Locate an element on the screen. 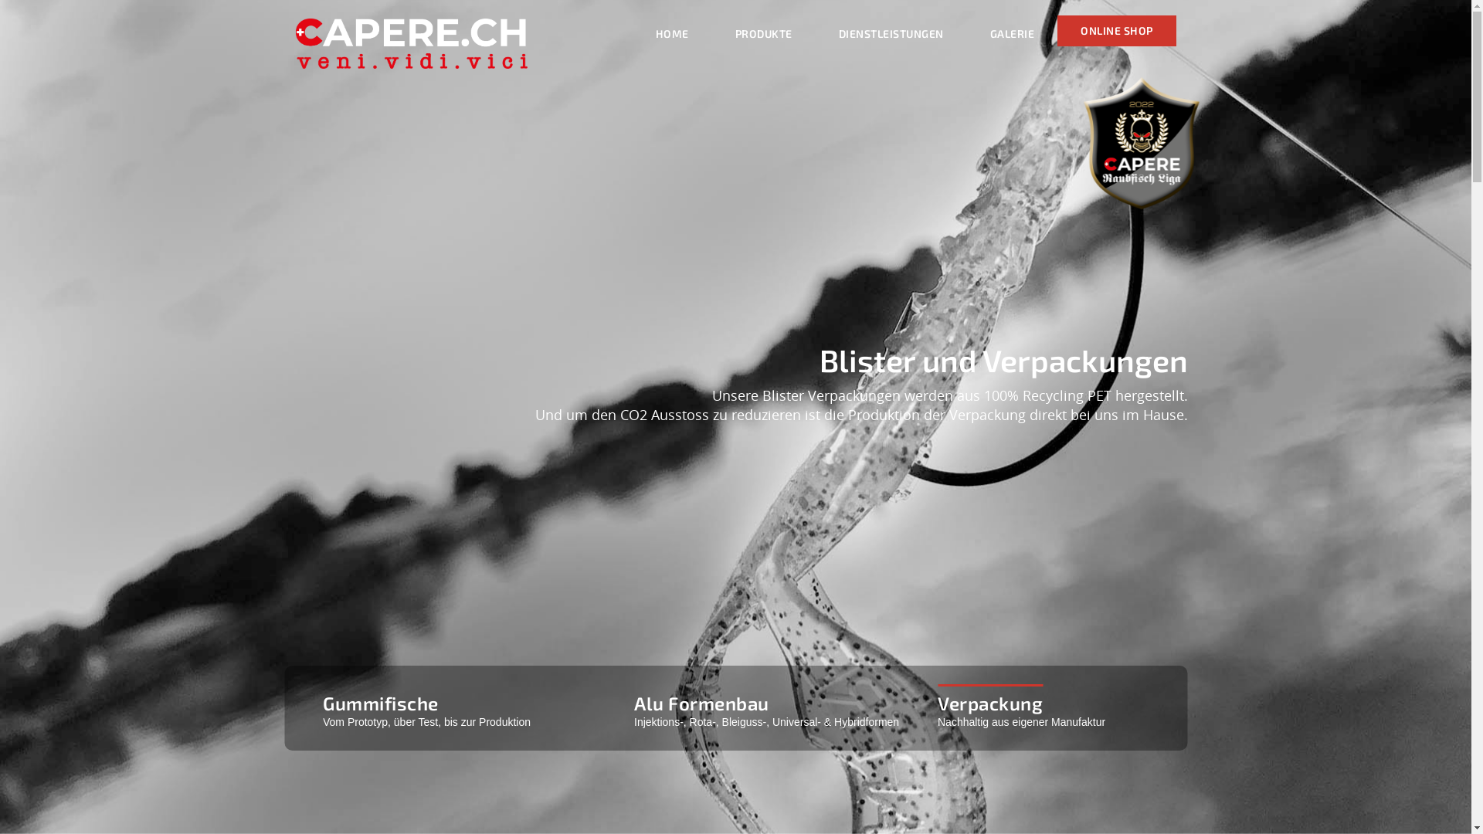 This screenshot has width=1483, height=834. 'PRODUKTE' is located at coordinates (711, 33).